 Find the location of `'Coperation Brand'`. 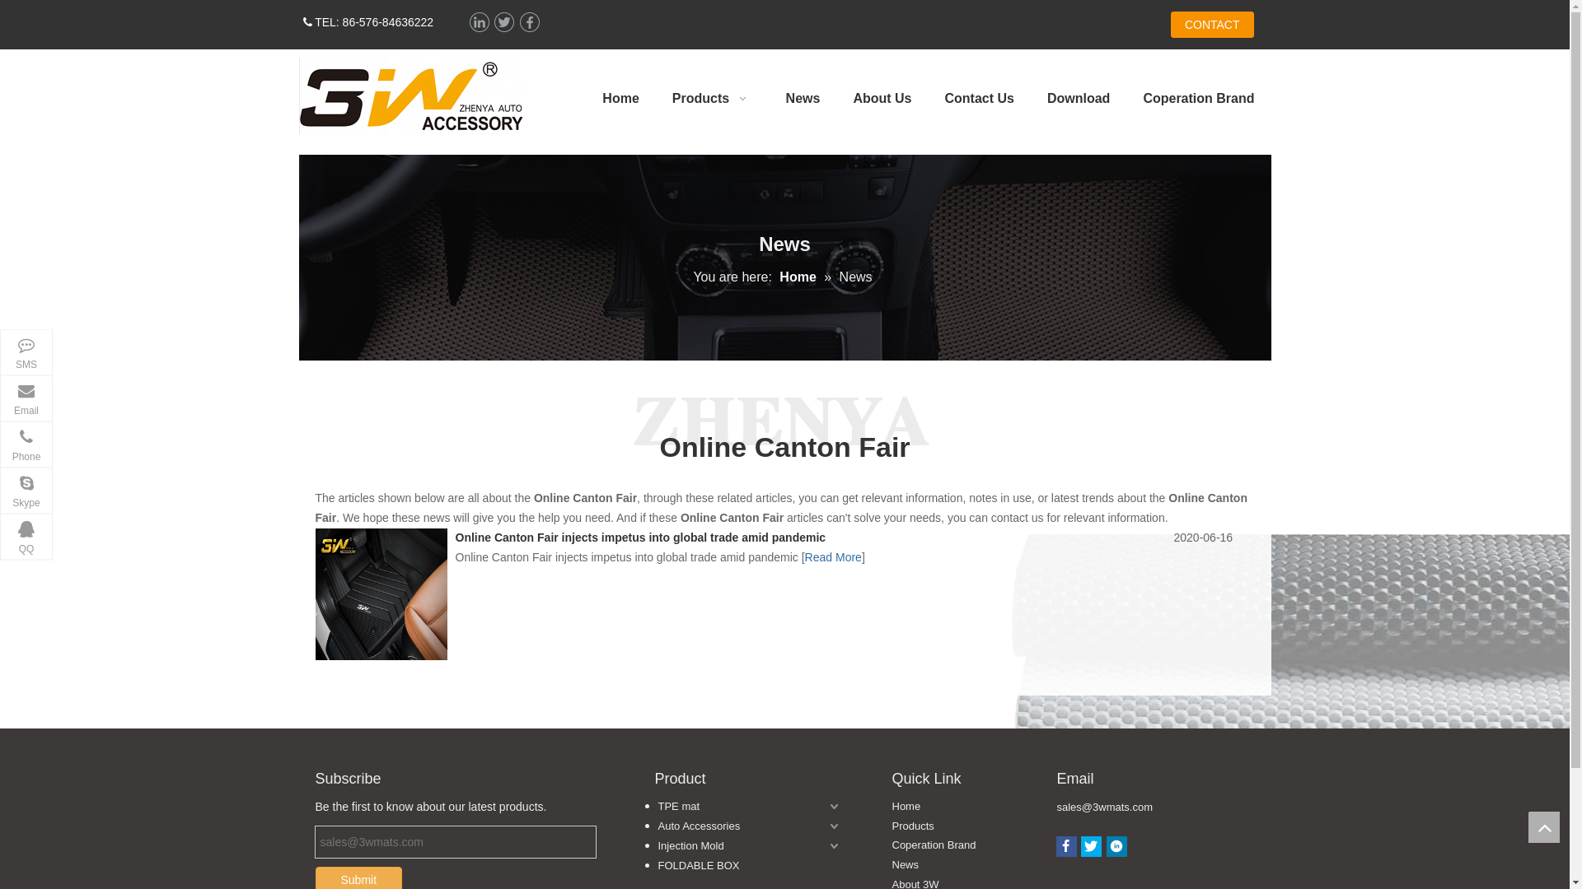

'Coperation Brand' is located at coordinates (933, 845).